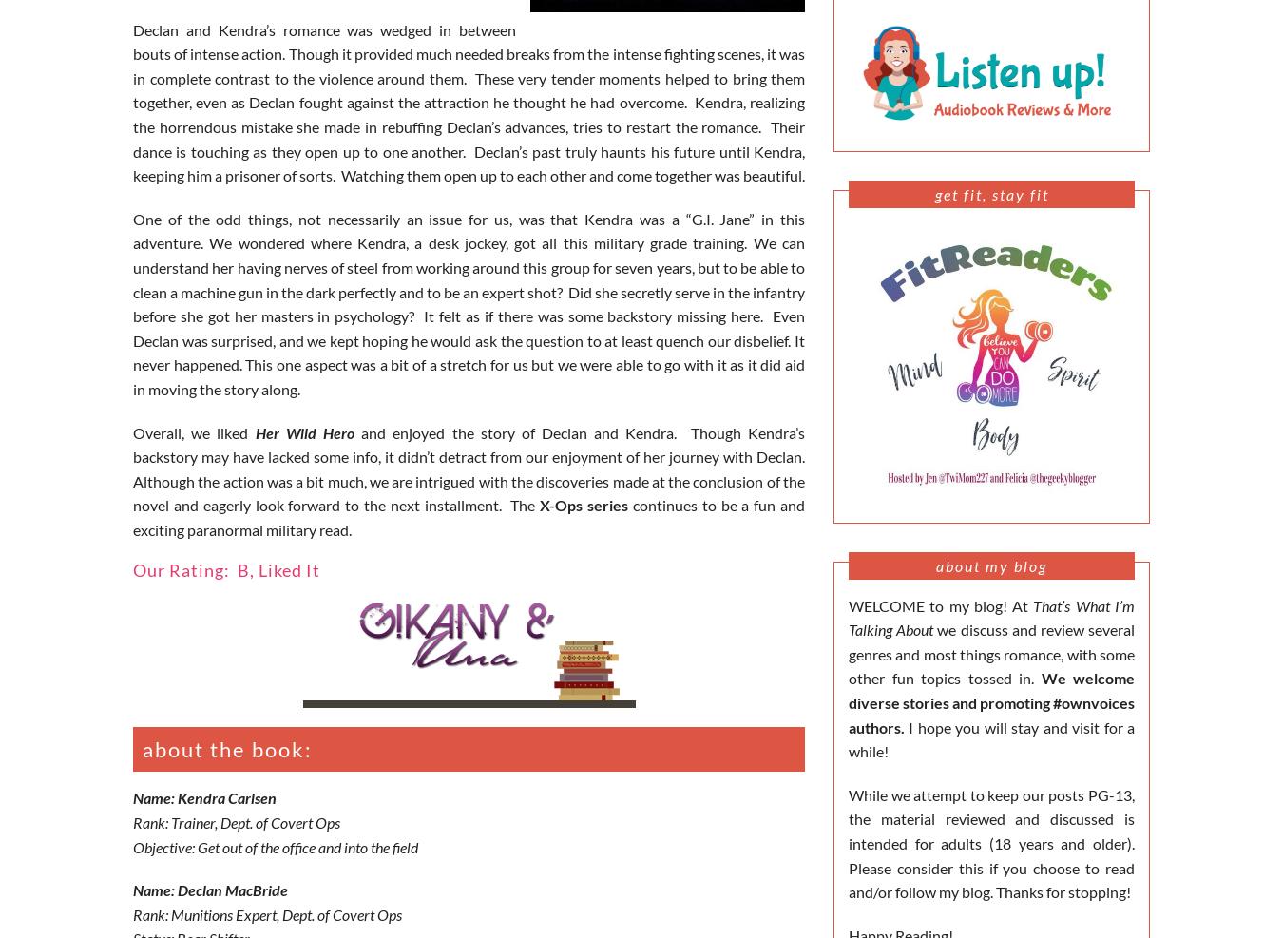 The height and width of the screenshot is (938, 1283). What do you see at coordinates (991, 564) in the screenshot?
I see `'About My Blog'` at bounding box center [991, 564].